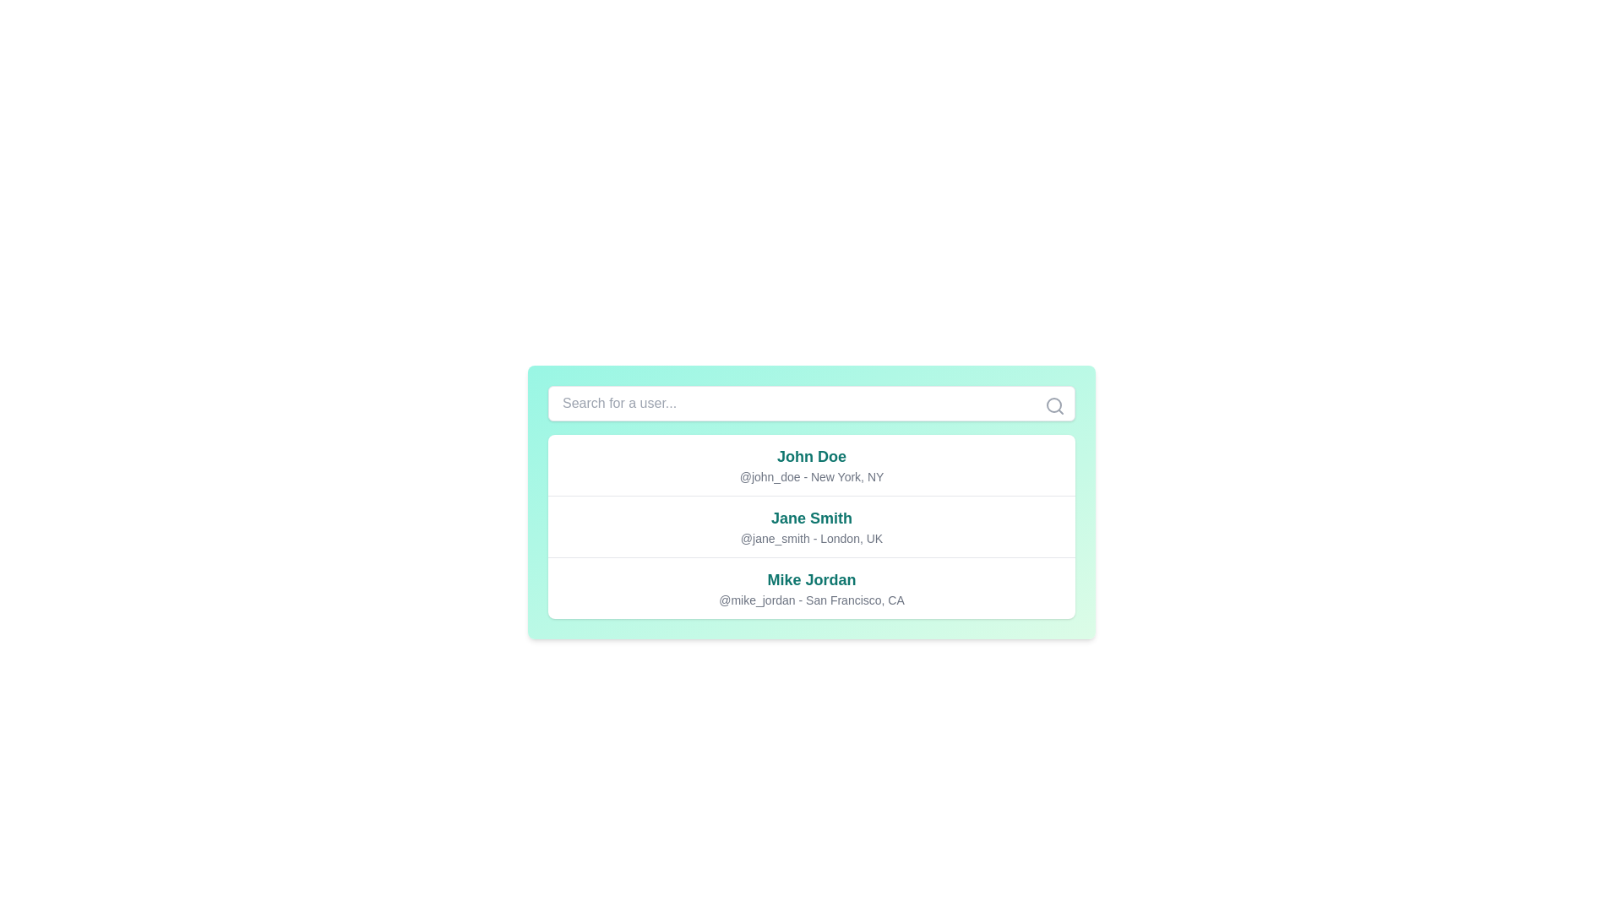 This screenshot has width=1622, height=912. What do you see at coordinates (811, 456) in the screenshot?
I see `the static text label 'John Doe', which is styled in large, bold teal font and located at the top of the first item in a scrollable list` at bounding box center [811, 456].